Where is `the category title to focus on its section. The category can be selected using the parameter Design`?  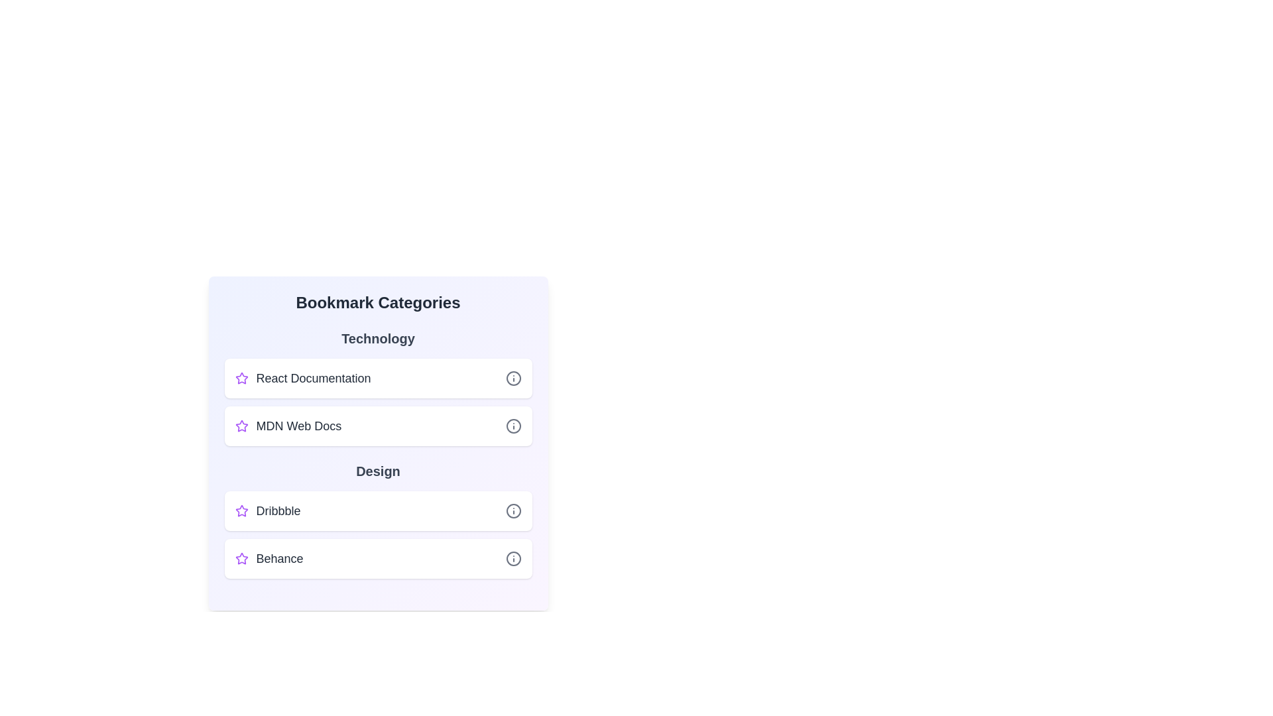
the category title to focus on its section. The category can be selected using the parameter Design is located at coordinates (377, 470).